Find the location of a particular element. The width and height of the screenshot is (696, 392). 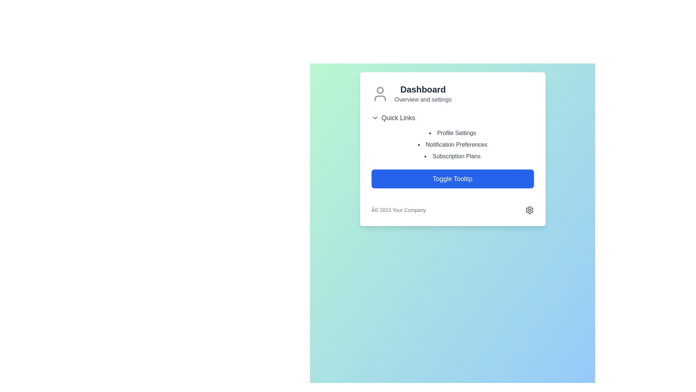

static text element that displays 'Overview and settings' in a smaller, gray font located beneath the 'Dashboard' title in the top section of the interface is located at coordinates (423, 99).